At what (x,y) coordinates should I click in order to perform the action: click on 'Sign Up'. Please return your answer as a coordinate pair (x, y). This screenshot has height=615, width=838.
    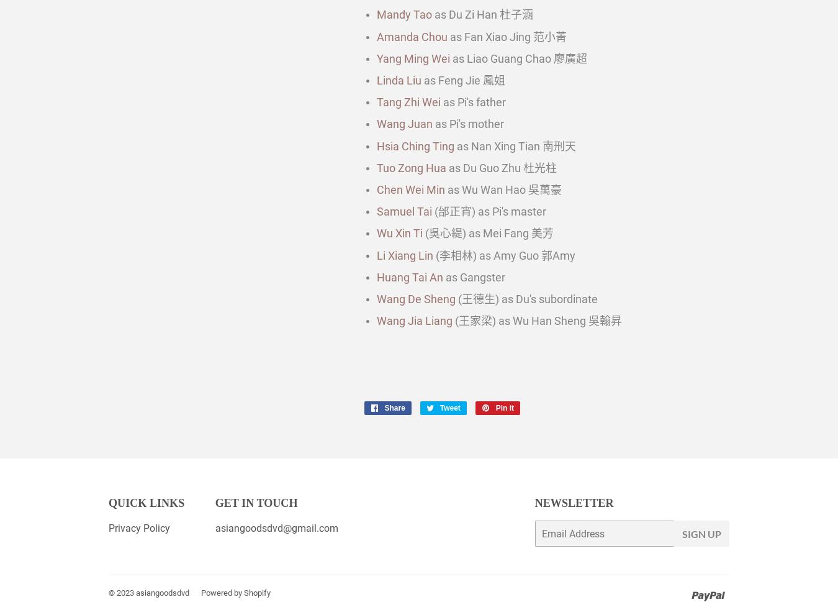
    Looking at the image, I should click on (700, 533).